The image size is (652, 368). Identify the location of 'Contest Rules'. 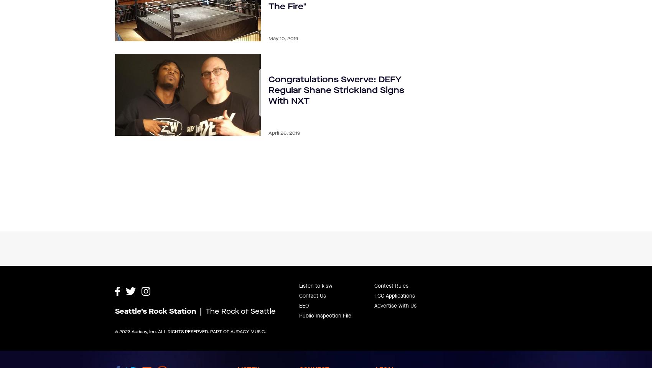
(391, 266).